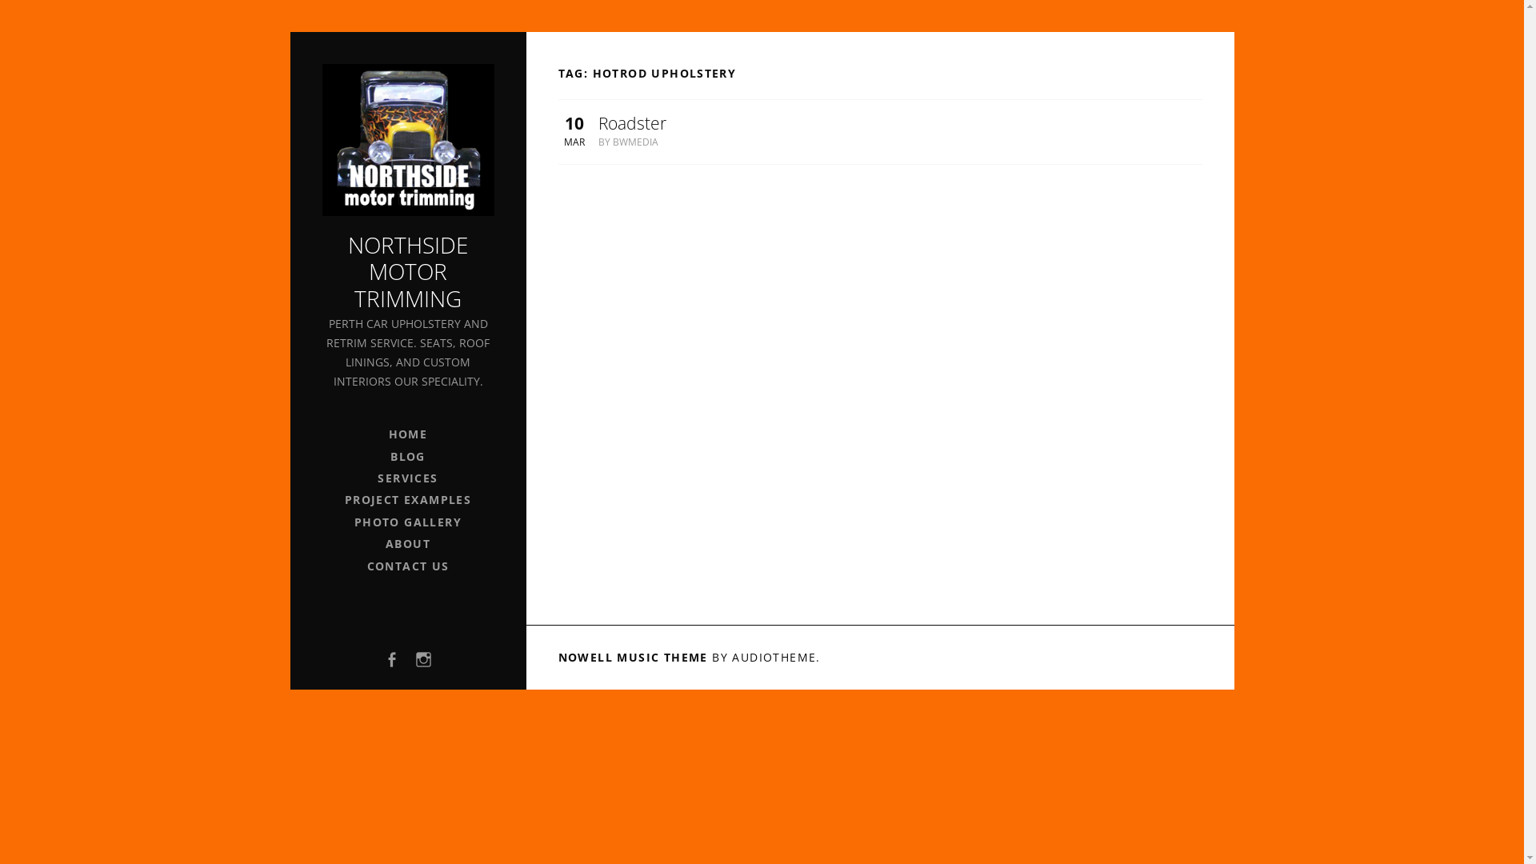 The width and height of the screenshot is (1536, 864). What do you see at coordinates (407, 434) in the screenshot?
I see `'HOME'` at bounding box center [407, 434].